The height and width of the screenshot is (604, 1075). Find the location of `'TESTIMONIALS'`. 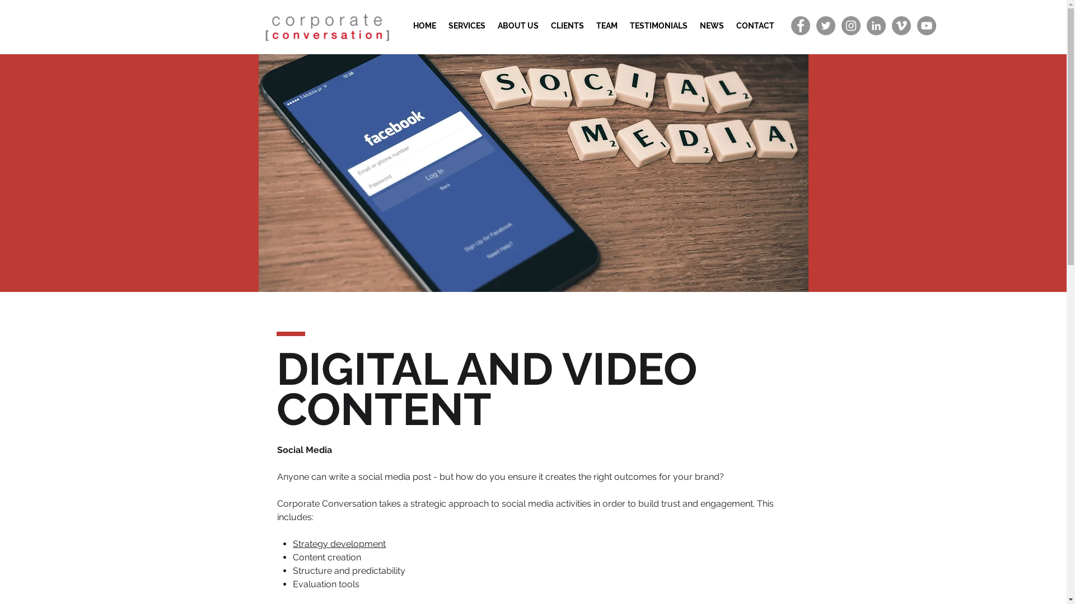

'TESTIMONIALS' is located at coordinates (658, 25).